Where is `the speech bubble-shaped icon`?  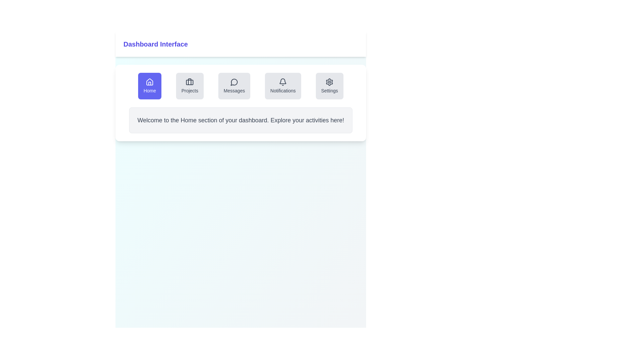
the speech bubble-shaped icon is located at coordinates (234, 81).